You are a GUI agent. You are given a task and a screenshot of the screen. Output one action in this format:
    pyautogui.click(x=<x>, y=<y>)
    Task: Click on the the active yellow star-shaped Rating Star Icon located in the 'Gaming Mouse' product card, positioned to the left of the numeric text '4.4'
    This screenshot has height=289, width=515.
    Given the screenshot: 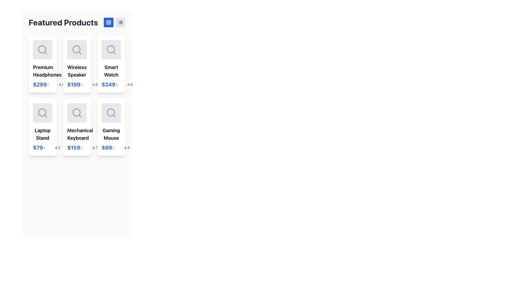 What is the action you would take?
    pyautogui.click(x=117, y=147)
    